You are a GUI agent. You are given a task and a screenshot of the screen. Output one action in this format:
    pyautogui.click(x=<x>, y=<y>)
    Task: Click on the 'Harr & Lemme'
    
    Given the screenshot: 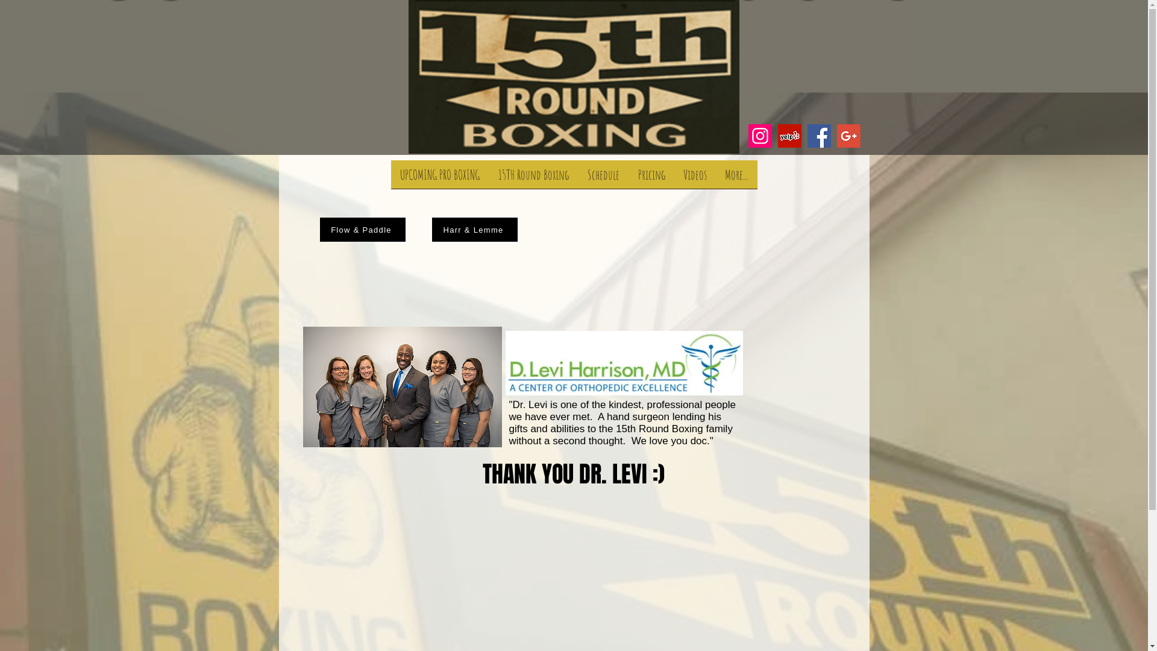 What is the action you would take?
    pyautogui.click(x=474, y=230)
    